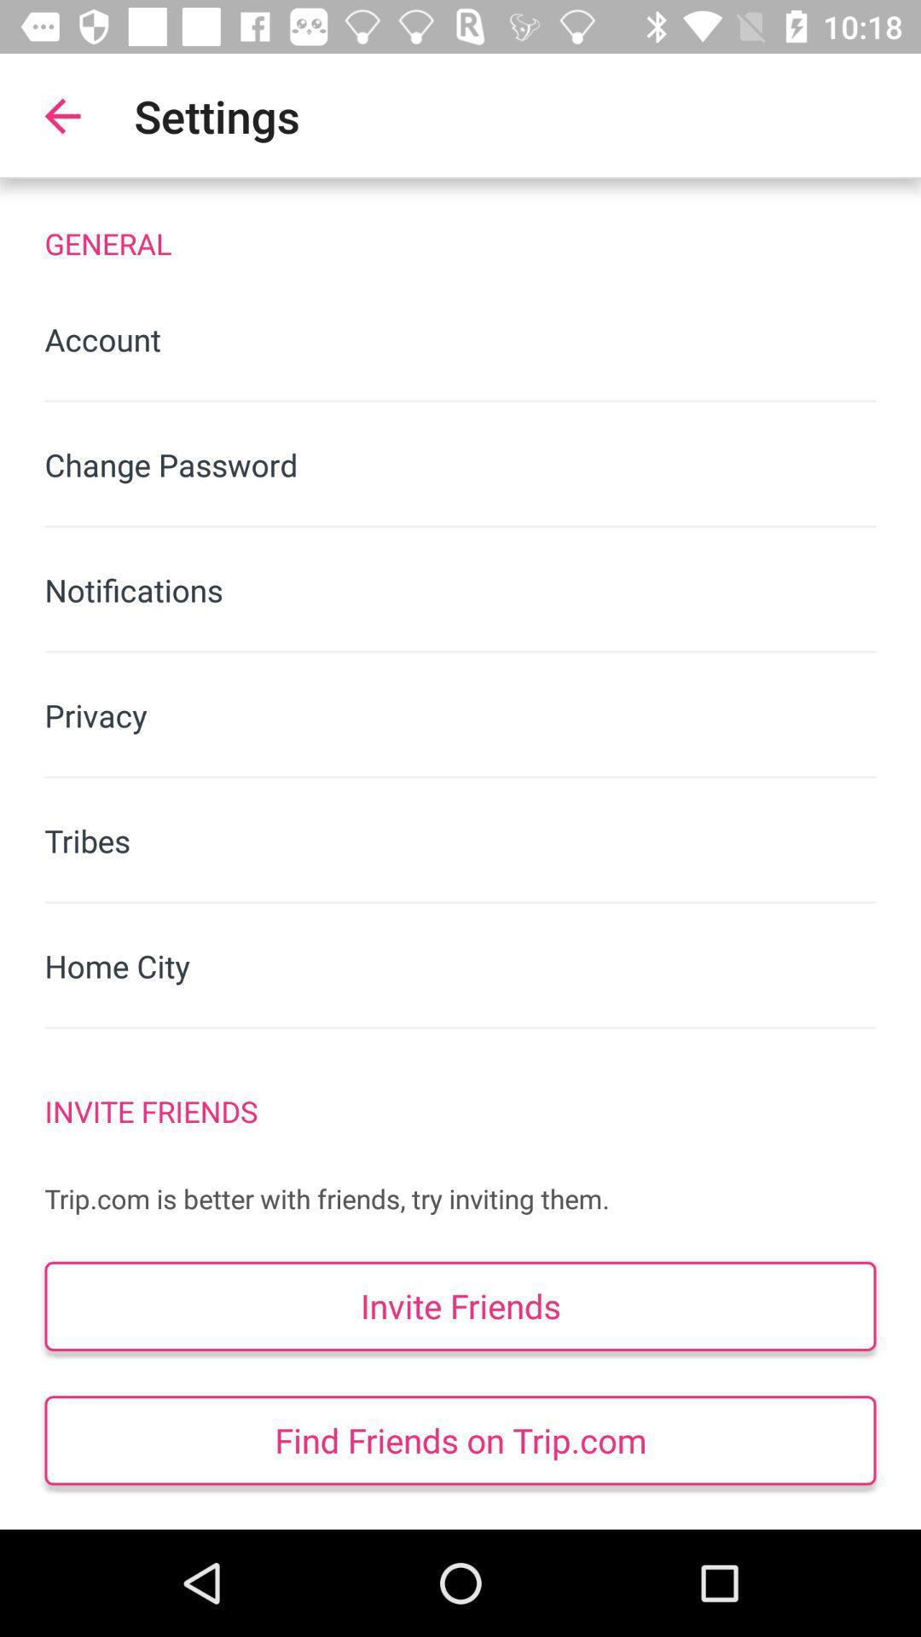 The height and width of the screenshot is (1637, 921). Describe the element at coordinates (460, 339) in the screenshot. I see `the icon above change password` at that location.